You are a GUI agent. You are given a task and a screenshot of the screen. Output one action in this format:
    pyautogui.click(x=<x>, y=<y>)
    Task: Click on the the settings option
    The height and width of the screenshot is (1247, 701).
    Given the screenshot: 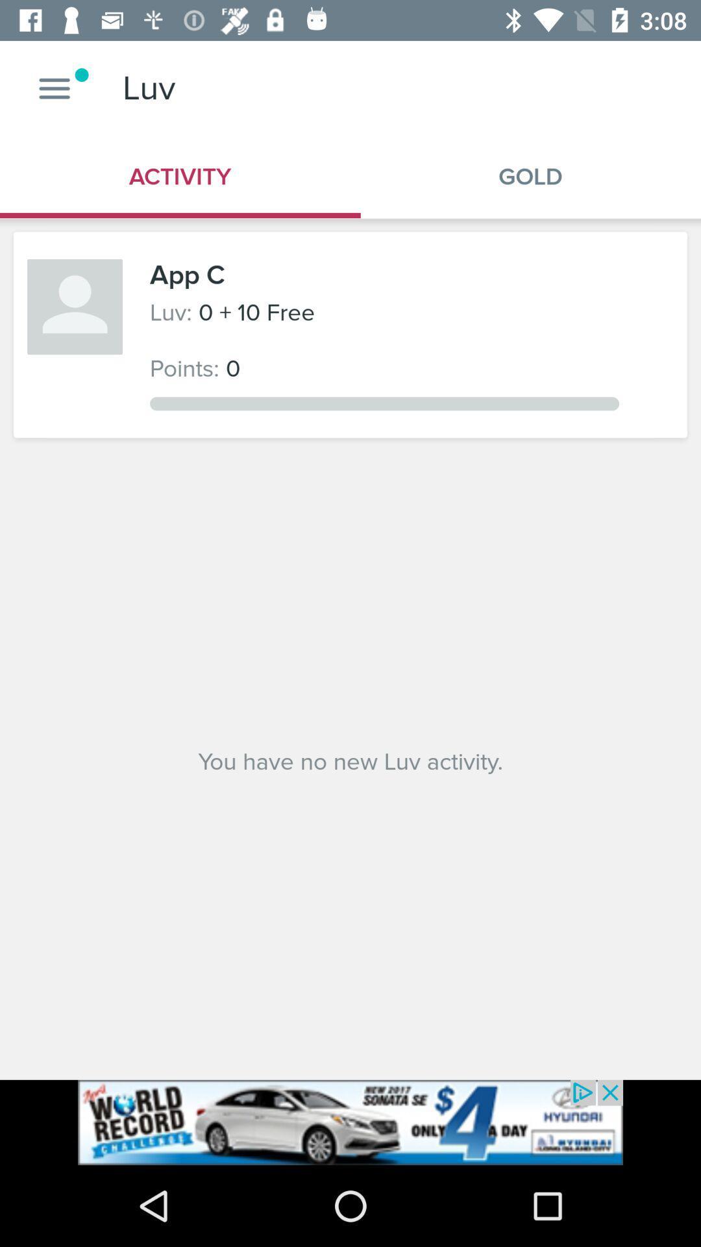 What is the action you would take?
    pyautogui.click(x=54, y=88)
    